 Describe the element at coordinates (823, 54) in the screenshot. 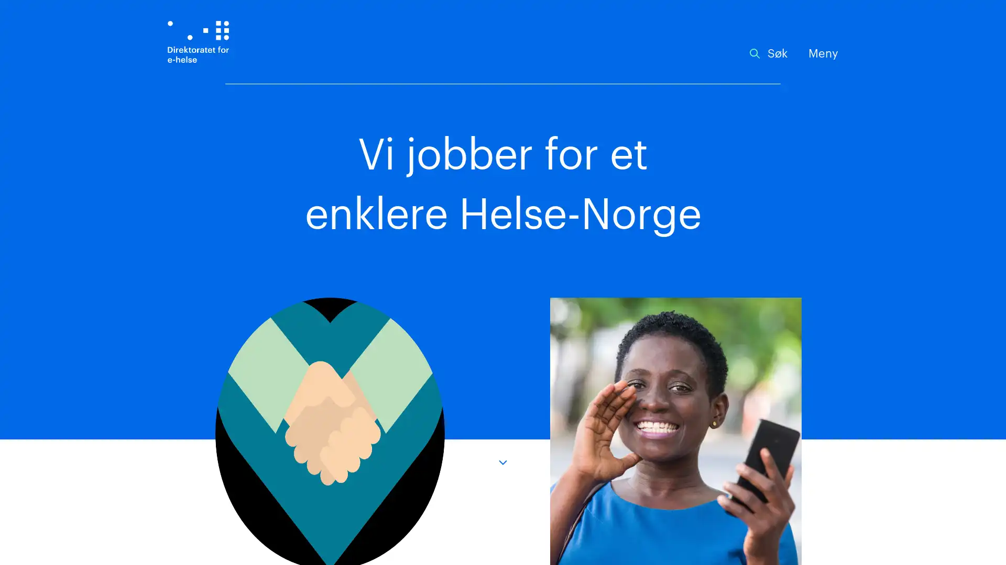

I see `Meny` at that location.